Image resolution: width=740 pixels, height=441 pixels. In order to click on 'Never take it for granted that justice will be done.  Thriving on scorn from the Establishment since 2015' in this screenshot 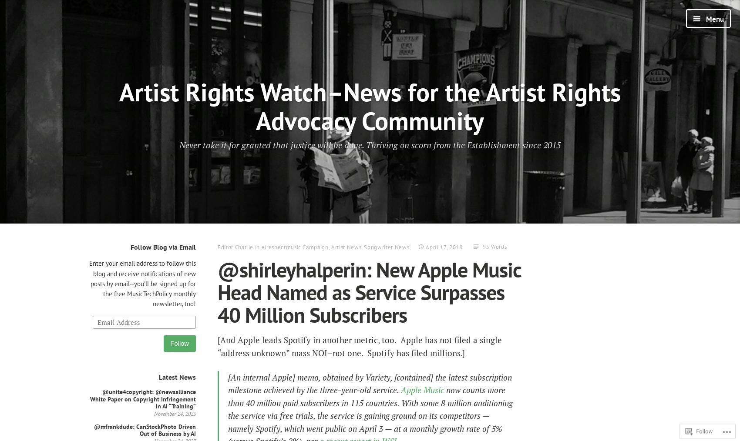, I will do `click(179, 144)`.